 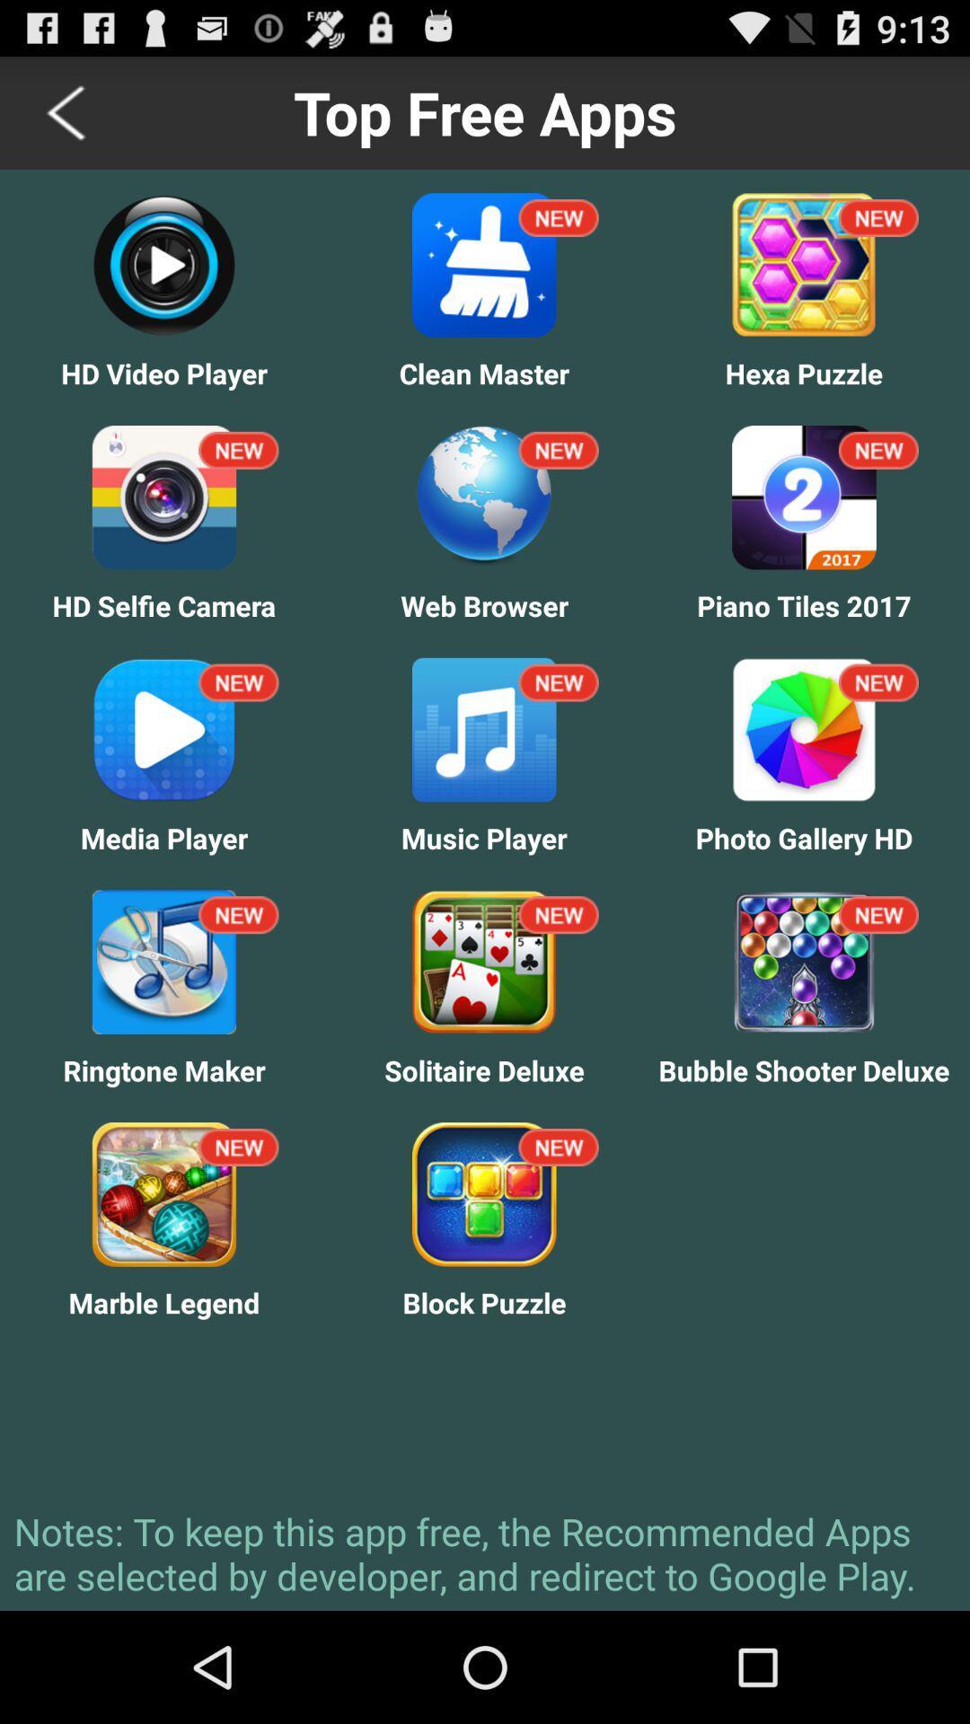 I want to click on the last new from the image, so click(x=557, y=1146).